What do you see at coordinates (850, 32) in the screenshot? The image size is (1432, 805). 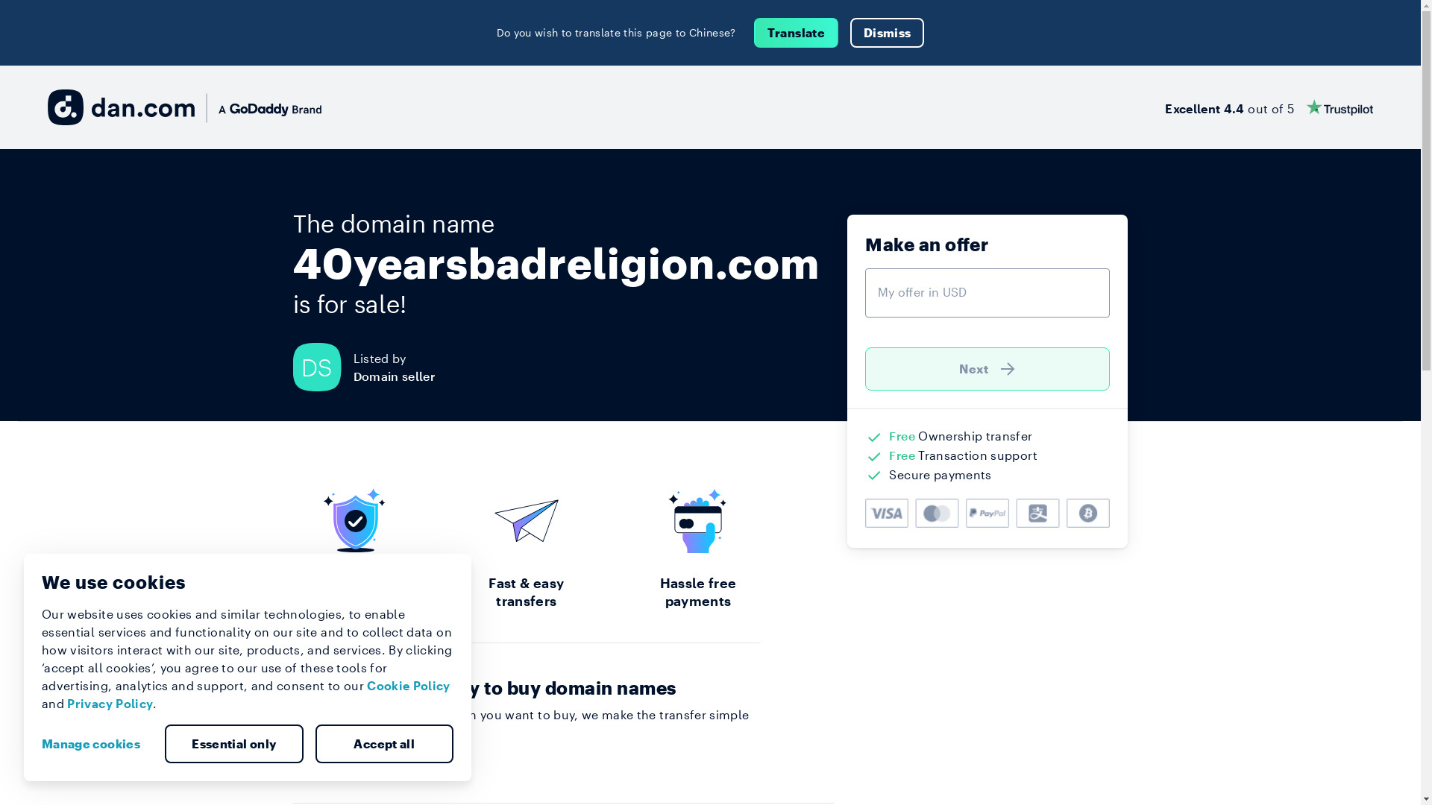 I see `'Dismiss'` at bounding box center [850, 32].